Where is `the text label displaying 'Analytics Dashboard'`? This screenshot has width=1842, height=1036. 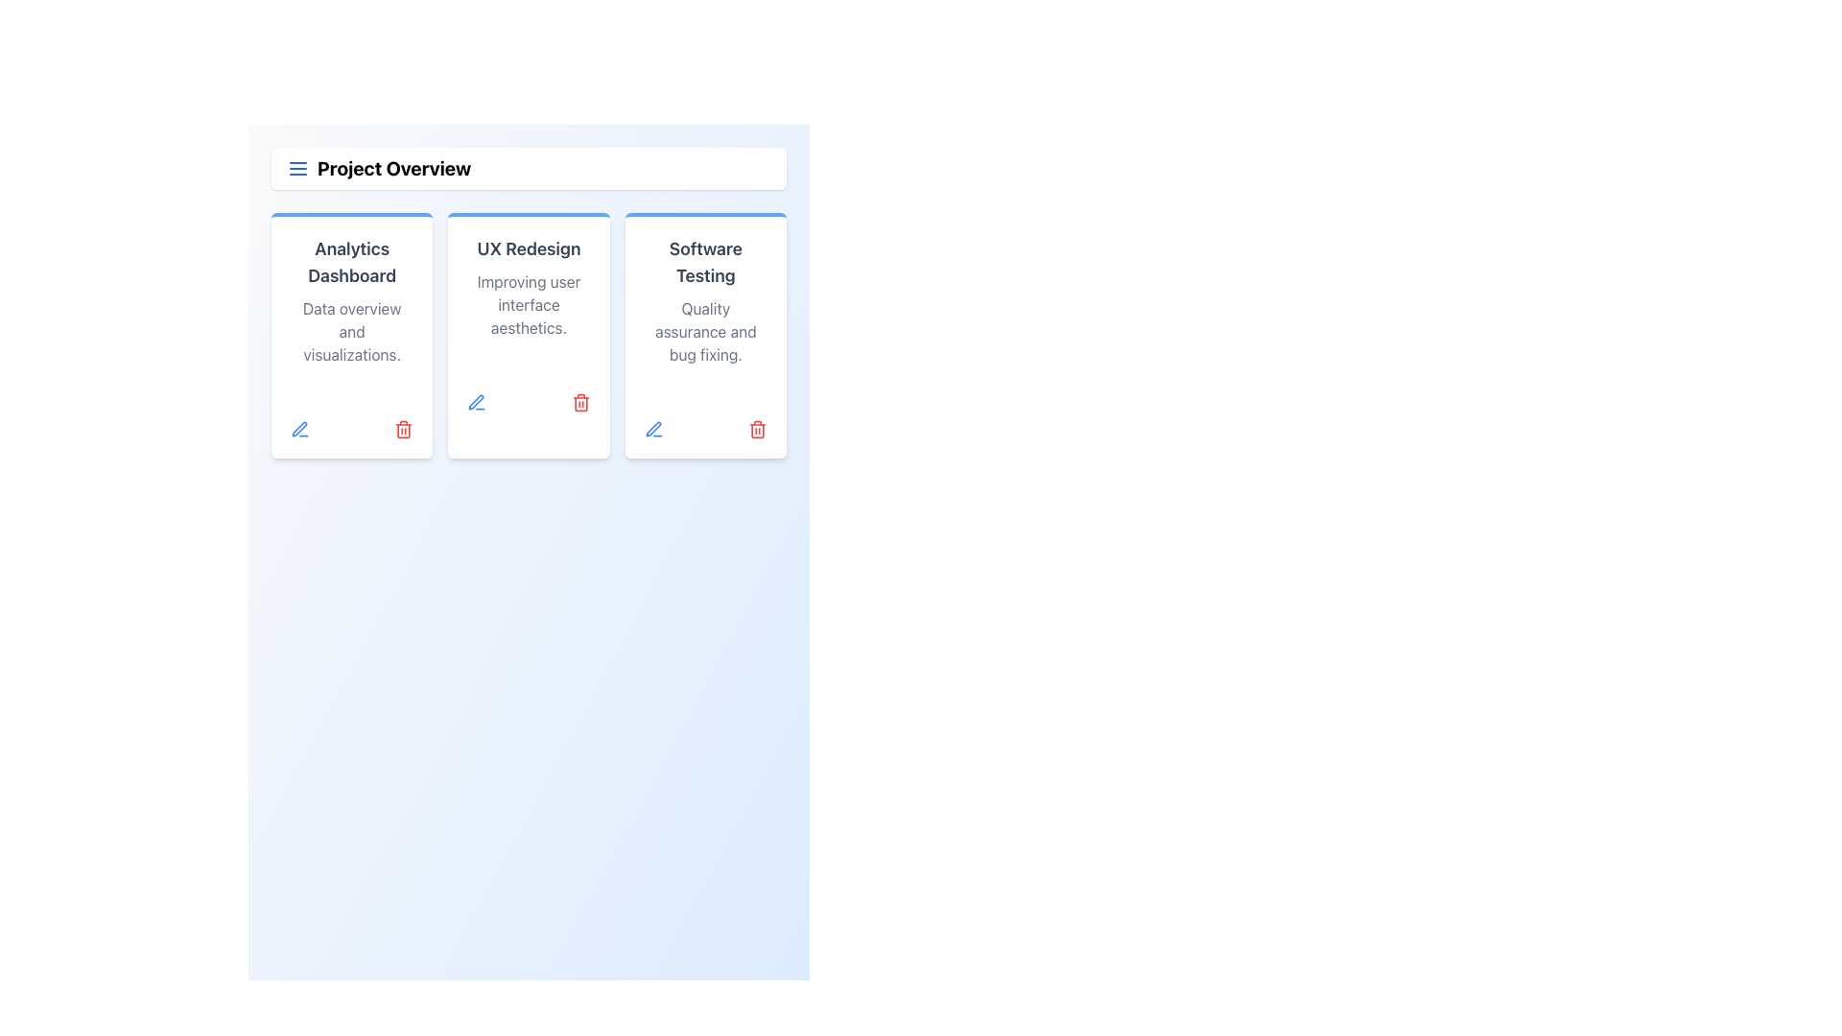 the text label displaying 'Analytics Dashboard' is located at coordinates (351, 262).